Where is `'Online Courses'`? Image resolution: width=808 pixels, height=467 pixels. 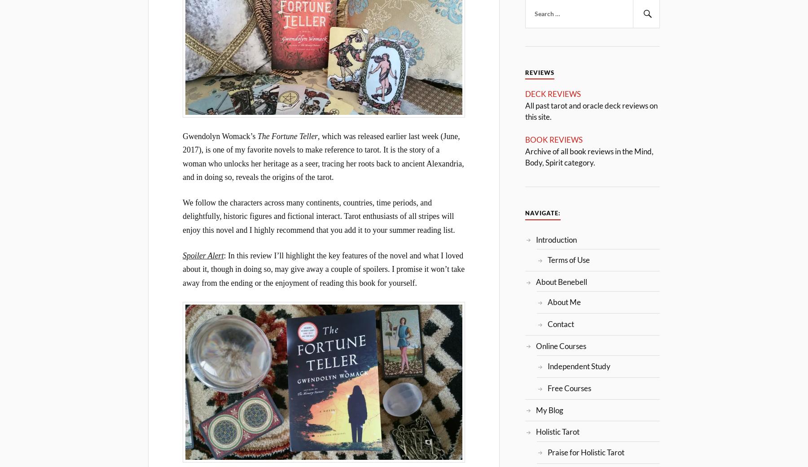 'Online Courses' is located at coordinates (561, 345).